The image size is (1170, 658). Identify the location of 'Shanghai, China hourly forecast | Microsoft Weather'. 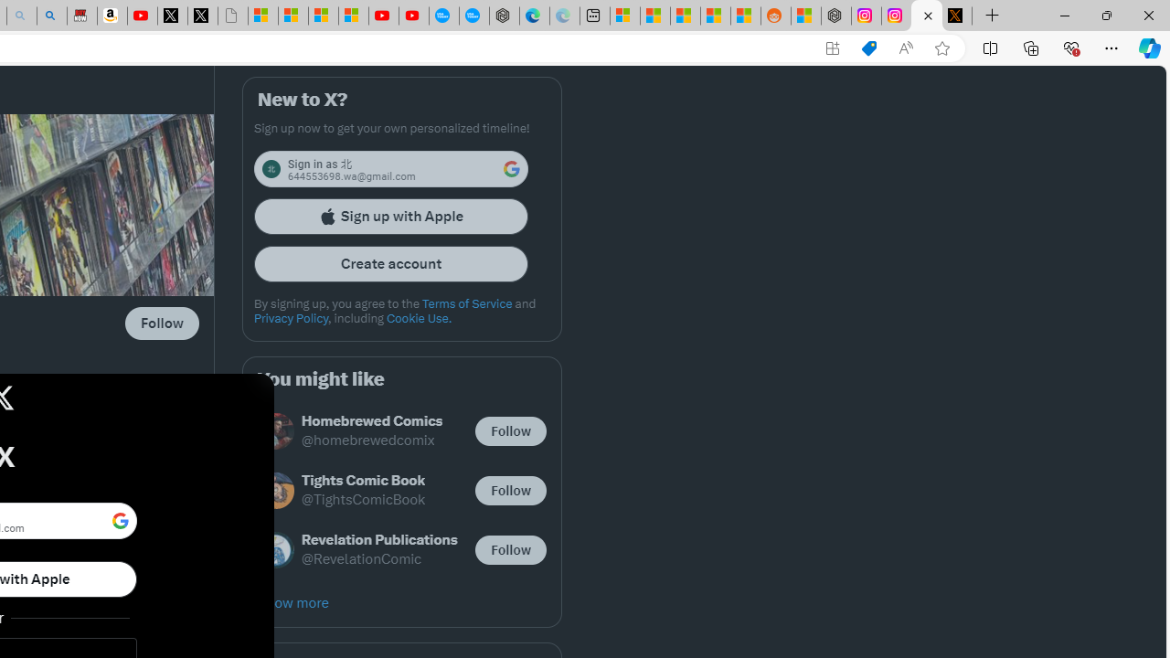
(684, 16).